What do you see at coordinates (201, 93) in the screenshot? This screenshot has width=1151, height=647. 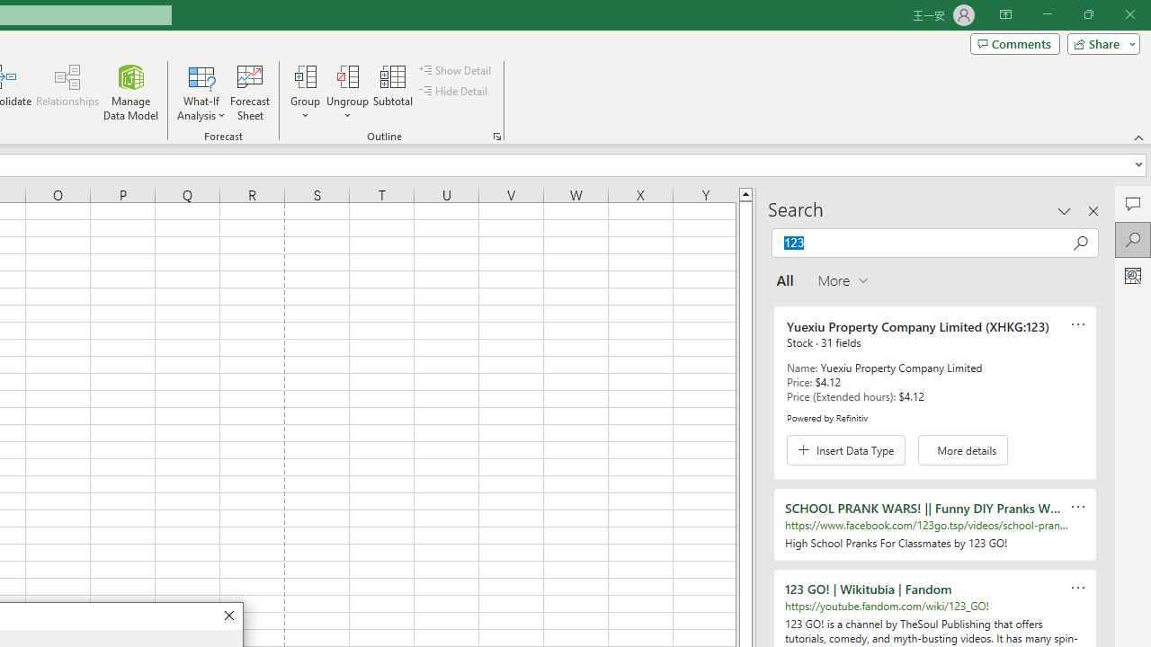 I see `'What-If Analysis'` at bounding box center [201, 93].